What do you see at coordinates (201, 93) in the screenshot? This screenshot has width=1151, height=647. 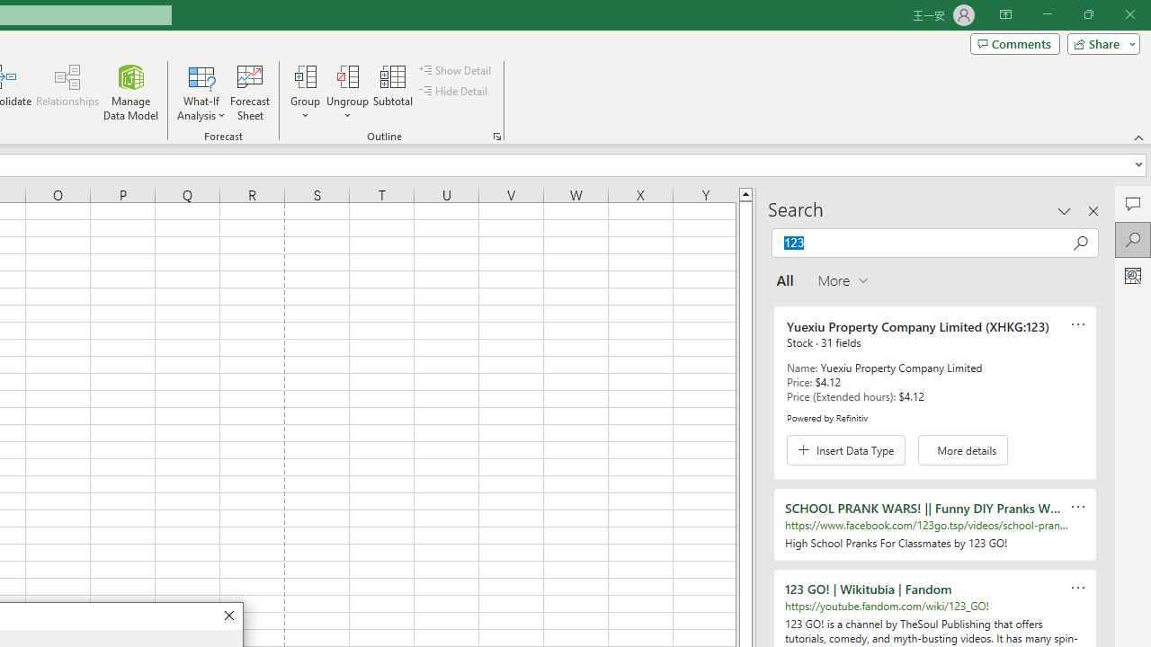 I see `'What-If Analysis'` at bounding box center [201, 93].